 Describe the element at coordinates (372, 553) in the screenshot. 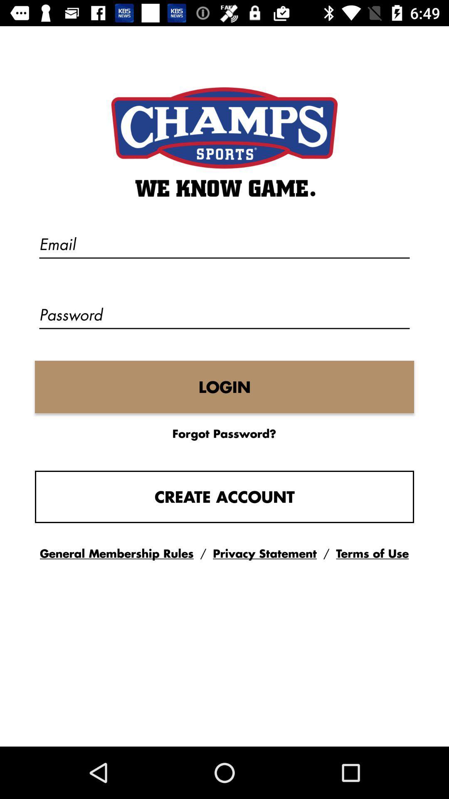

I see `terms of use in the bottom right of the web page` at that location.